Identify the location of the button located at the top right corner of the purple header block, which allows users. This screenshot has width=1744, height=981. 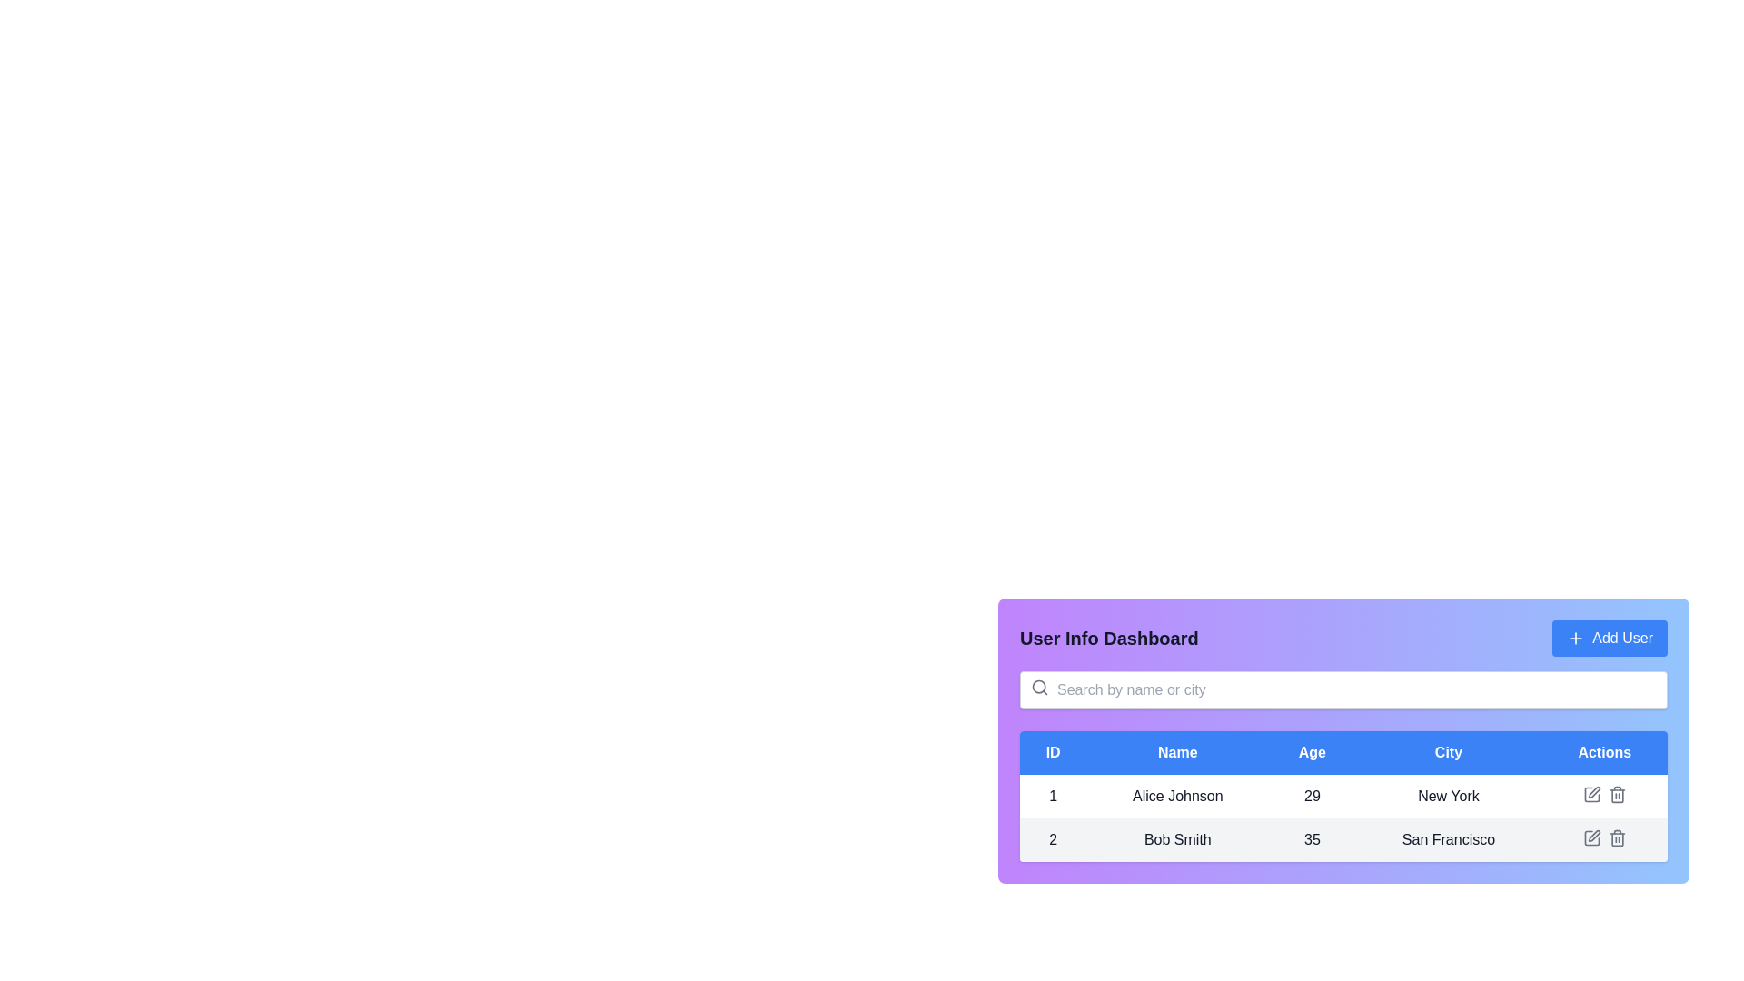
(1610, 637).